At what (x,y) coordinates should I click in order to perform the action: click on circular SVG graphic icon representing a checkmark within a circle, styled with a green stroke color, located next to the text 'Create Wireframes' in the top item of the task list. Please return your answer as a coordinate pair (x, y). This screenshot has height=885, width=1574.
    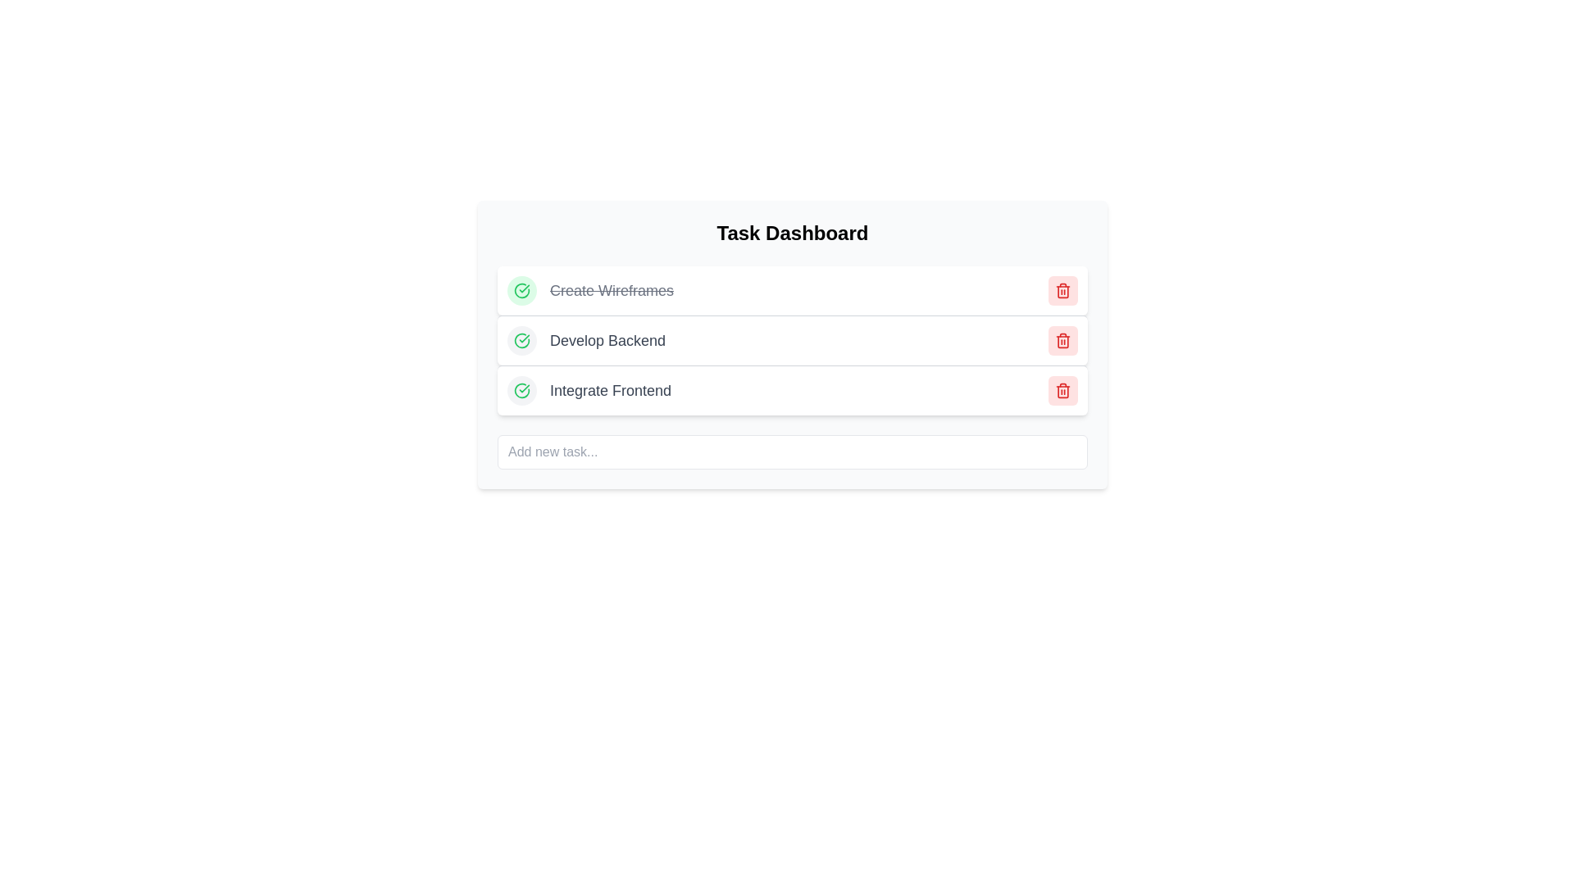
    Looking at the image, I should click on (521, 289).